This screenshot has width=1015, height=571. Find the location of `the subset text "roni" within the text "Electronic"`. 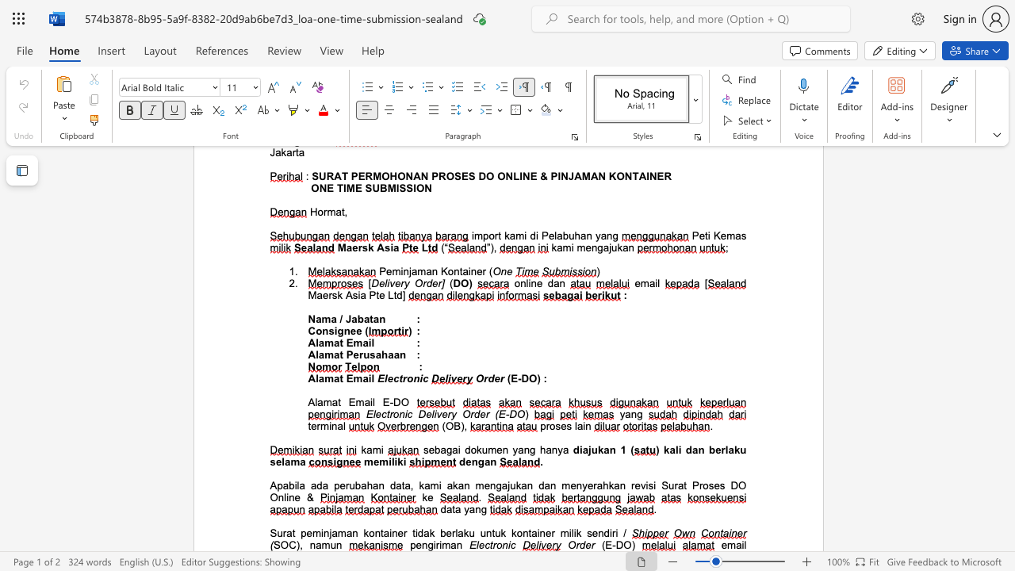

the subset text "roni" within the text "Electronic" is located at coordinates (492, 544).